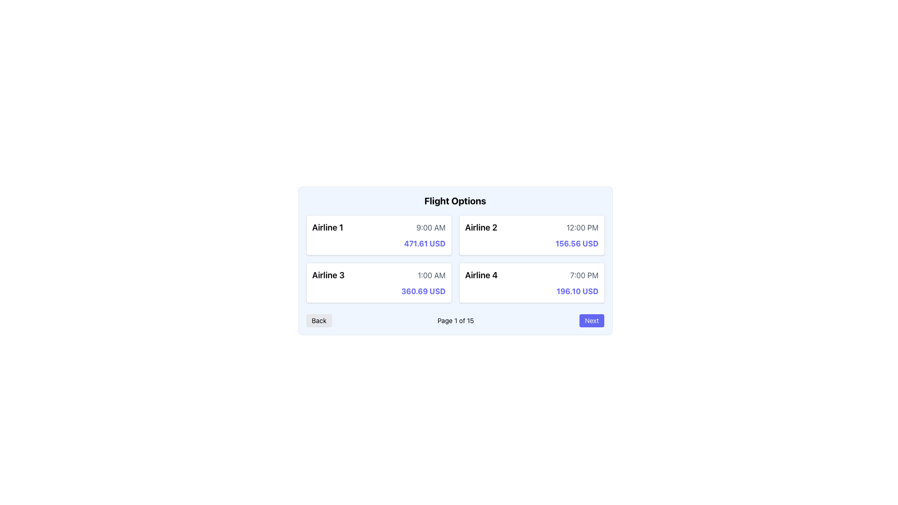  I want to click on the 'Next' button with rounded corners, which is located at the bottom-right corner of the pagination controls, to observe hover effects, so click(591, 320).